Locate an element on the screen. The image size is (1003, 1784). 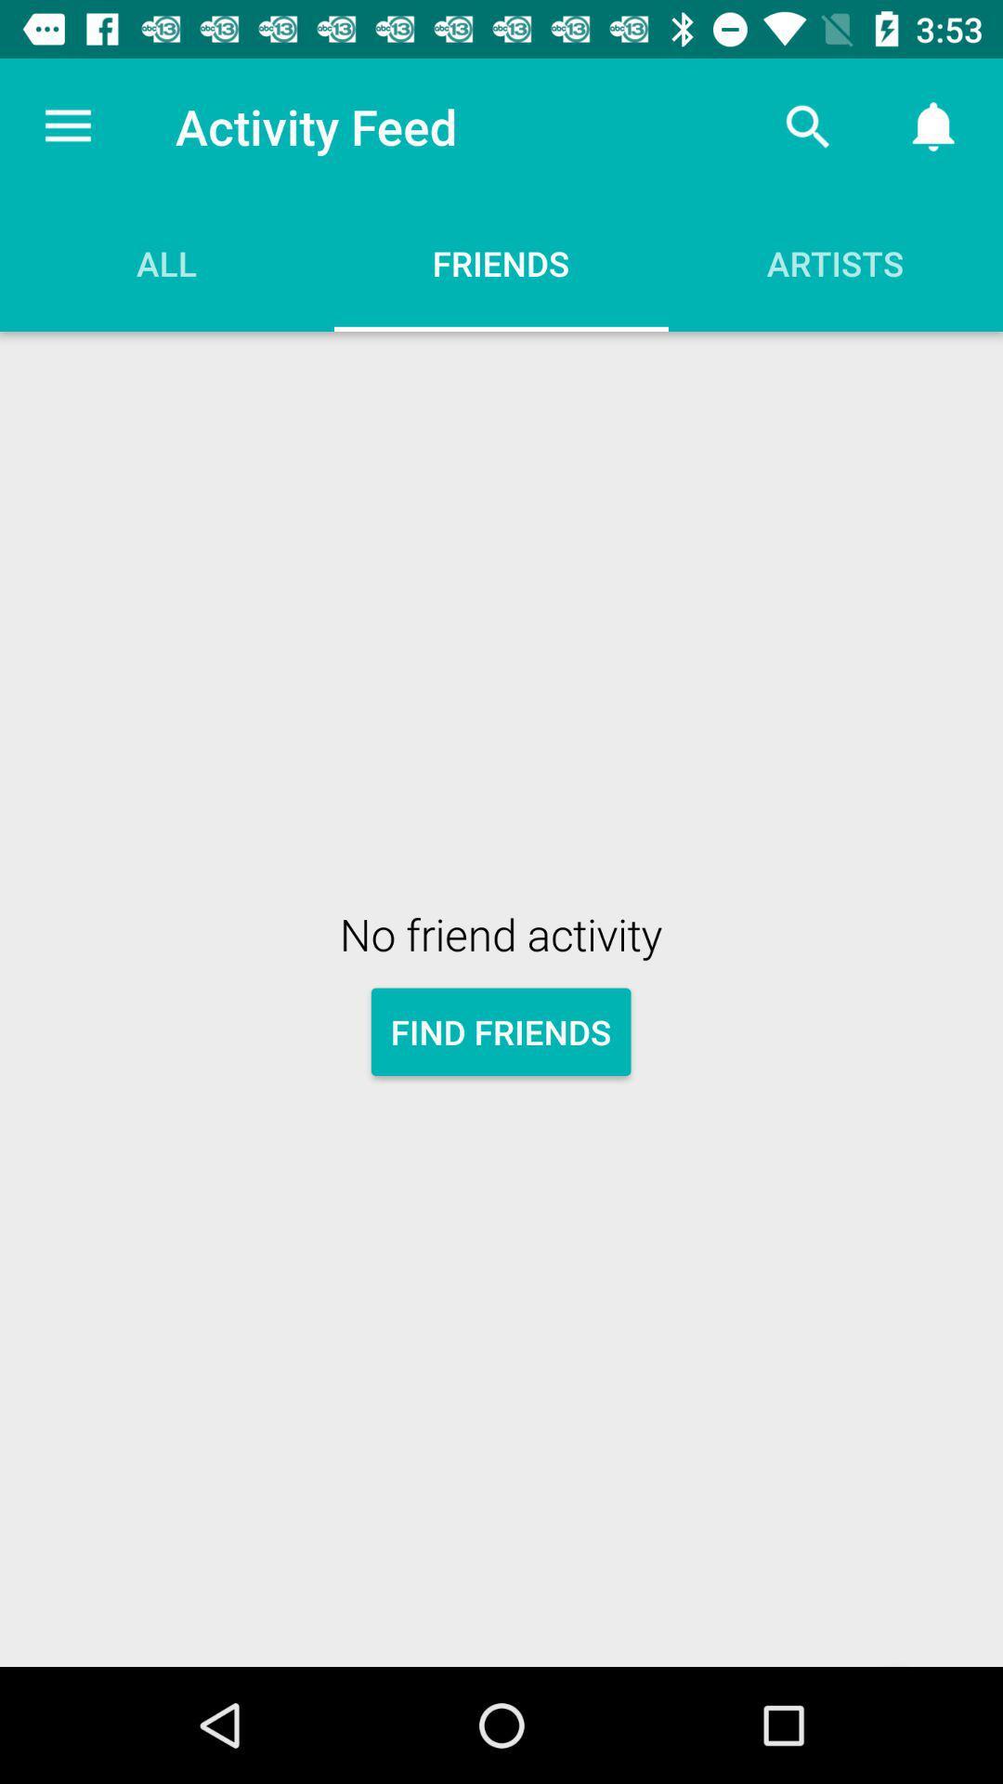
the find friends icon is located at coordinates (500, 1030).